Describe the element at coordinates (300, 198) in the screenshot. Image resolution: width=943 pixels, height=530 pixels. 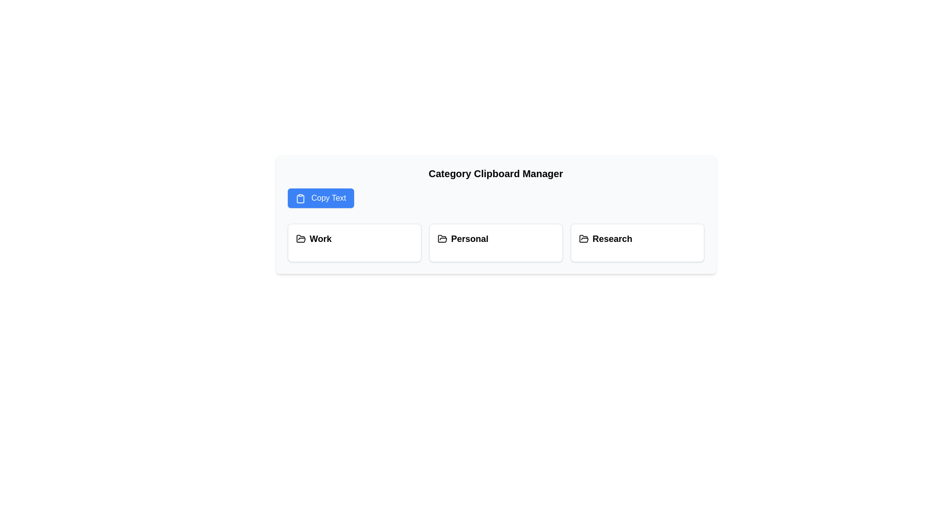
I see `the clipboard icon within the blue 'Copy Text' button, which is positioned above the options 'Work', 'Personal', and 'Research'` at that location.